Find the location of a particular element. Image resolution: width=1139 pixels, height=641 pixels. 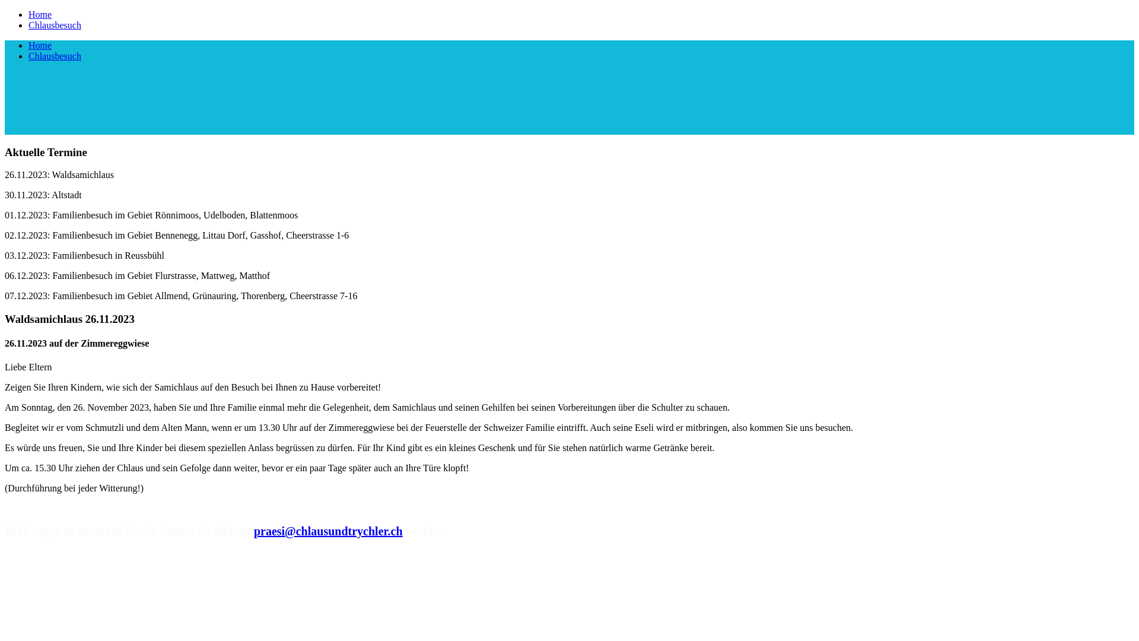

'Chlausbesuch' is located at coordinates (54, 25).